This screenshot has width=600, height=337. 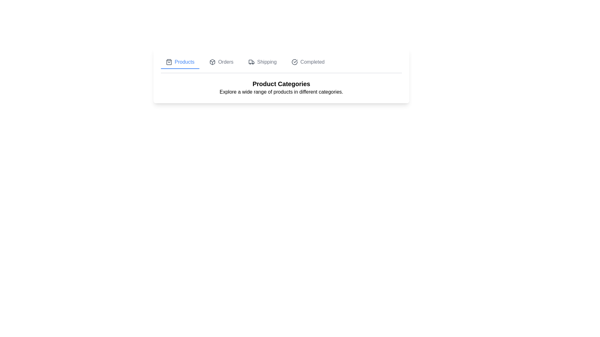 What do you see at coordinates (212, 62) in the screenshot?
I see `the central box-like icon in the Orders section of the header menu` at bounding box center [212, 62].